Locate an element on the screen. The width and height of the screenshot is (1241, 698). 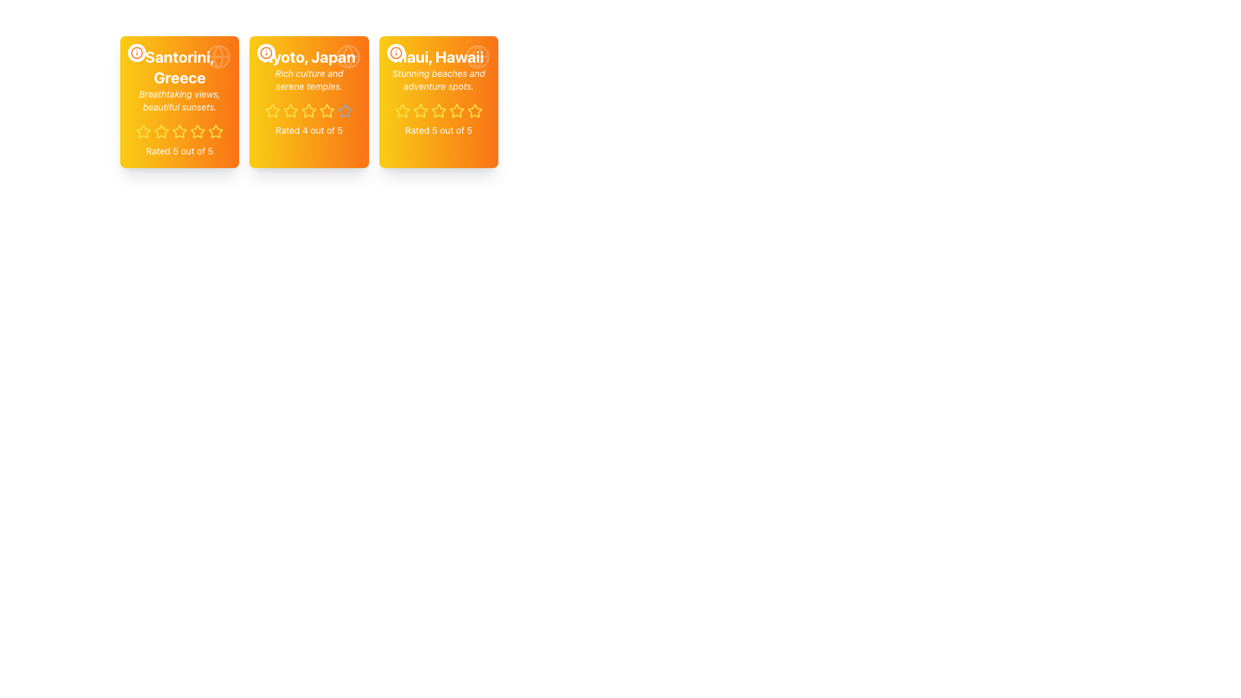
text content of the textual description summarizing 'Maui, Hawaii' located in the top-middle portion of the third card from the left is located at coordinates (438, 70).